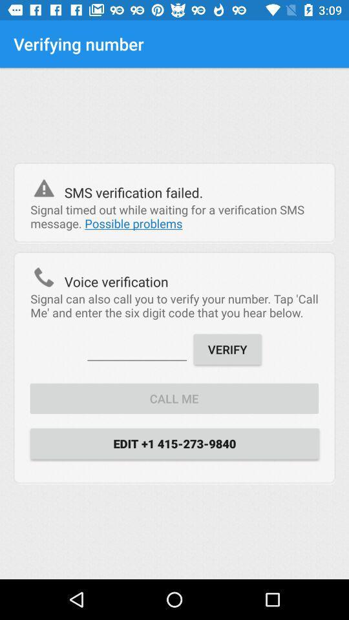 This screenshot has width=349, height=620. Describe the element at coordinates (136, 347) in the screenshot. I see `confirmation number` at that location.